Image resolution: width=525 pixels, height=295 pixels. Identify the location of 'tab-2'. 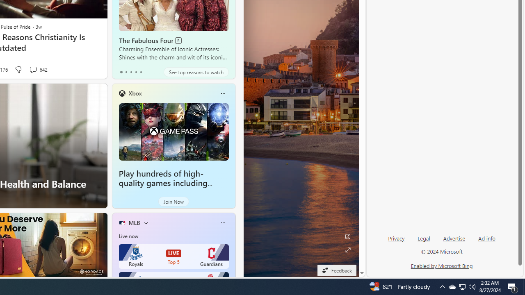
(131, 72).